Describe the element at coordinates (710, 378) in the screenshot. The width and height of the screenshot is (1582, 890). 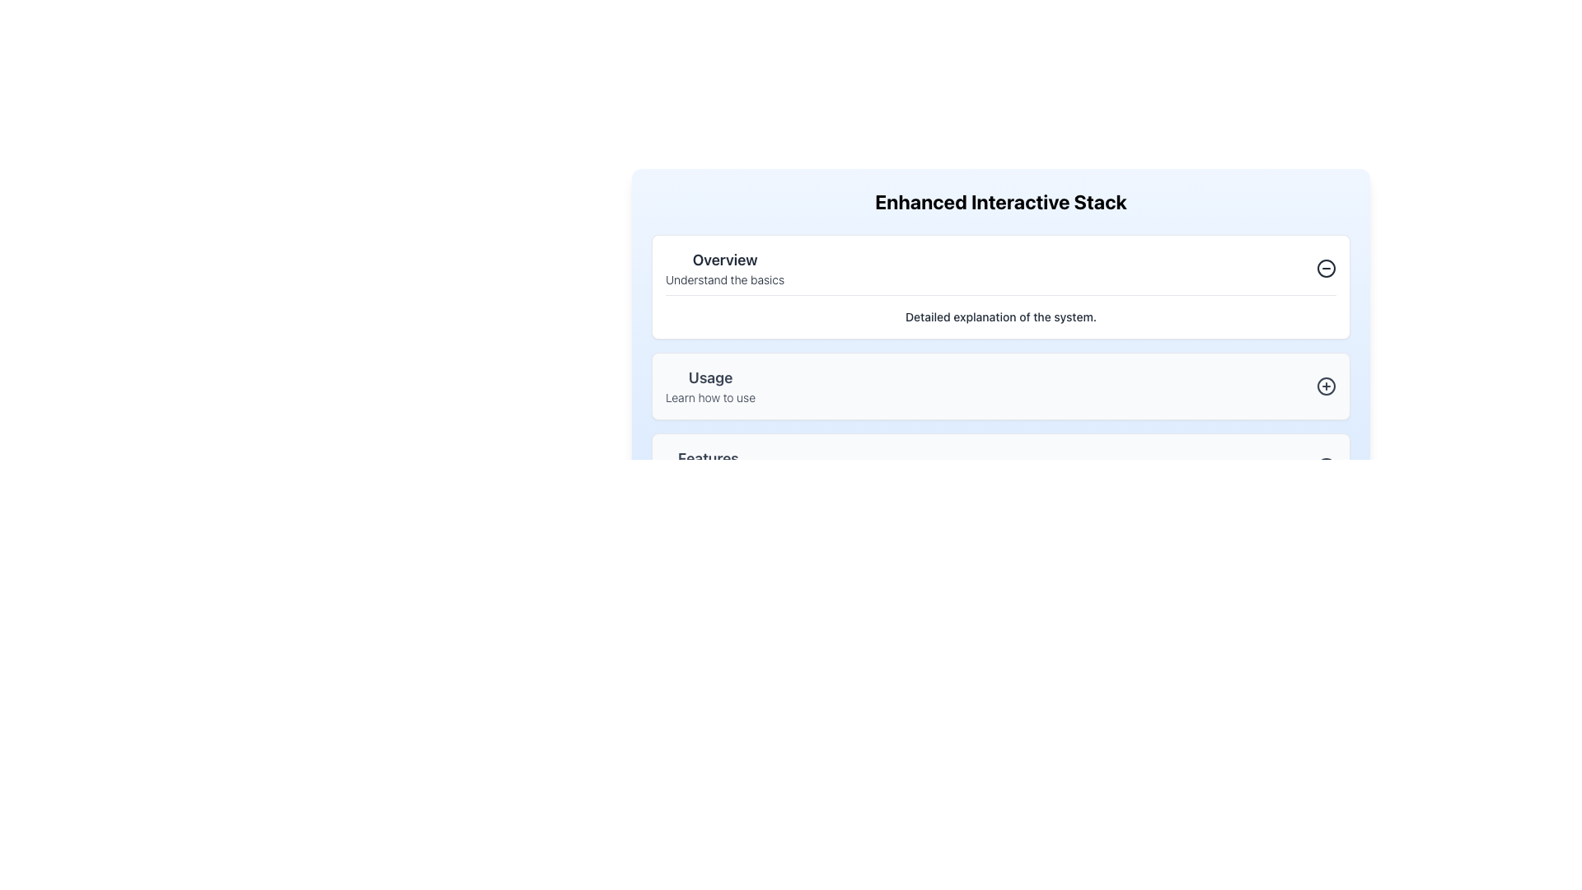
I see `text label located below the 'Overview' section and above the 'Learn how to use' text, which serves as the primary header for usage information` at that location.